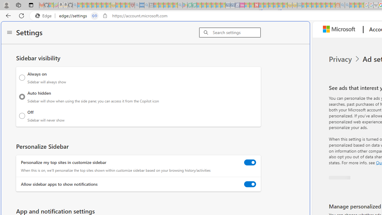 The image size is (382, 215). Describe the element at coordinates (299, 5) in the screenshot. I see `'DITOGAMES AG Imprint - Sleeping'` at that location.